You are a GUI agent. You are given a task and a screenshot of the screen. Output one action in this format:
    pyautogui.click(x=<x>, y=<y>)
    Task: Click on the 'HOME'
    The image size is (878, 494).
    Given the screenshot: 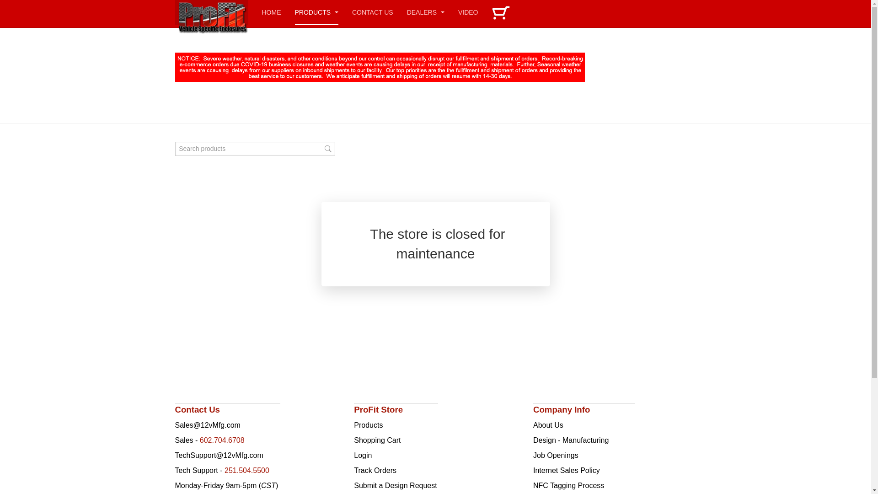 What is the action you would take?
    pyautogui.click(x=271, y=12)
    